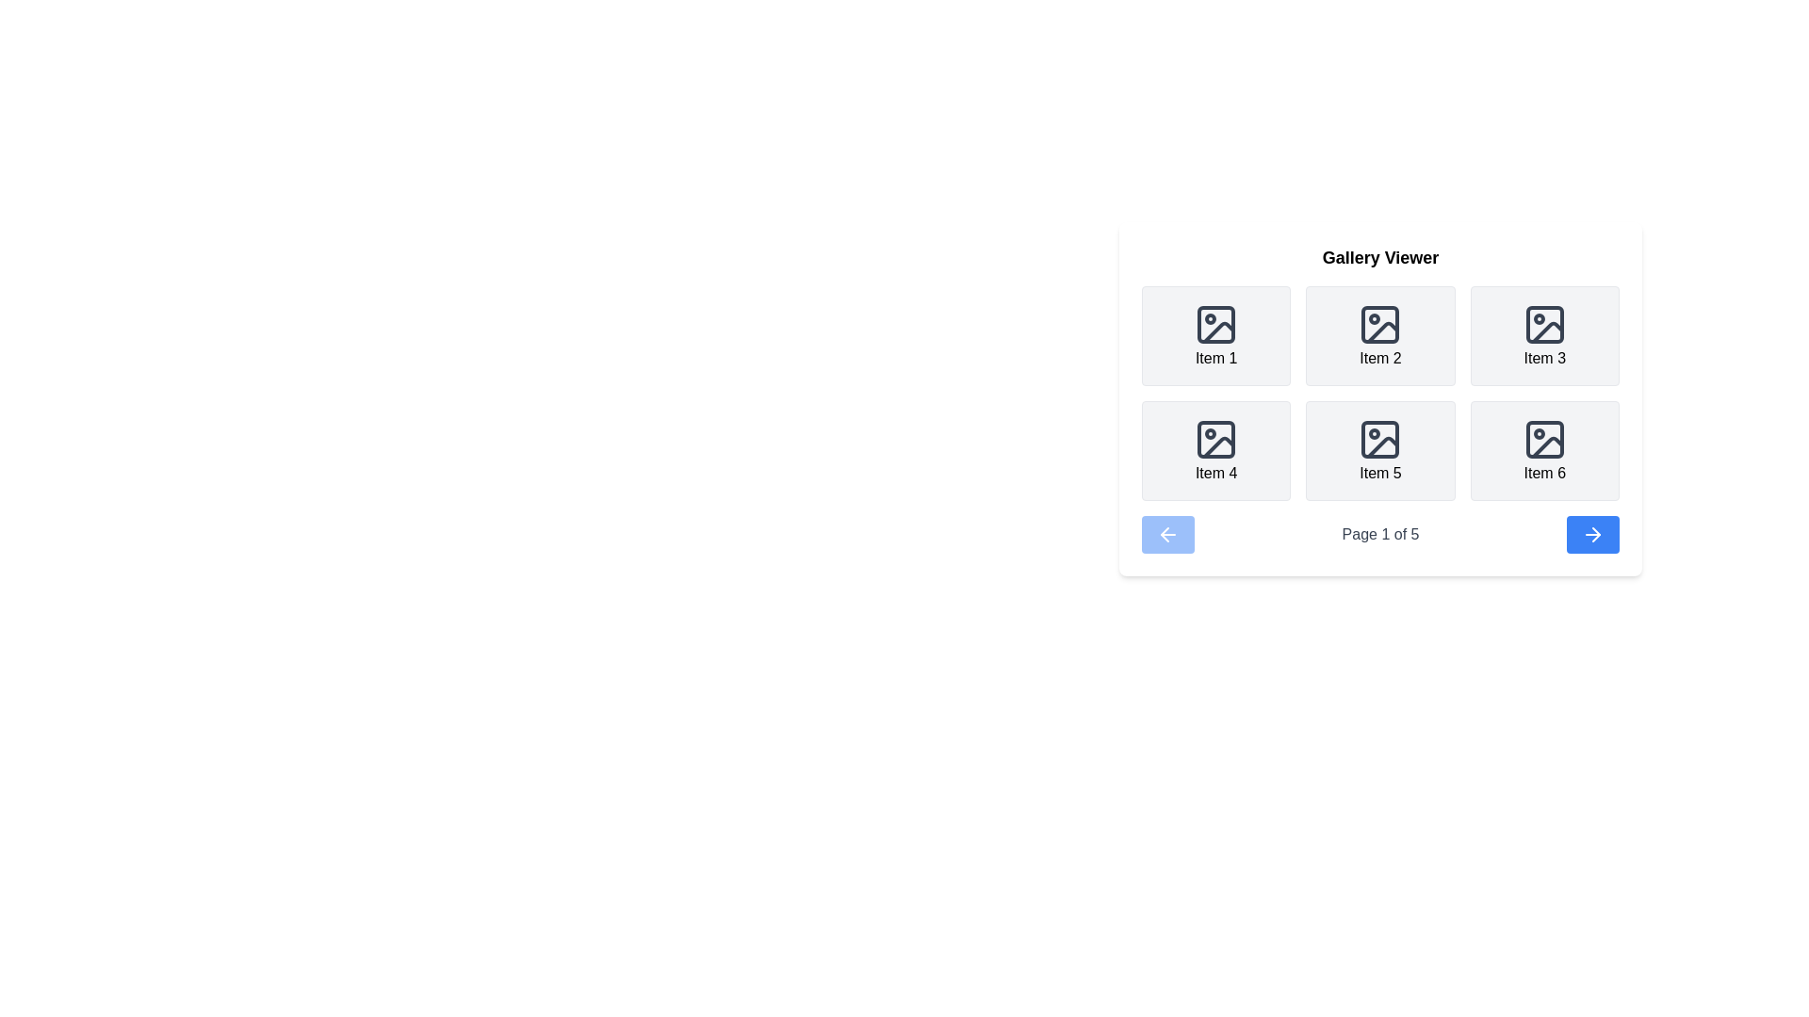 This screenshot has width=1809, height=1017. I want to click on the card-like element representing 'Item 1' in the grid-based gallery, which features a light gray background, rounded corners, and a centered dark gray icon, so click(1216, 335).